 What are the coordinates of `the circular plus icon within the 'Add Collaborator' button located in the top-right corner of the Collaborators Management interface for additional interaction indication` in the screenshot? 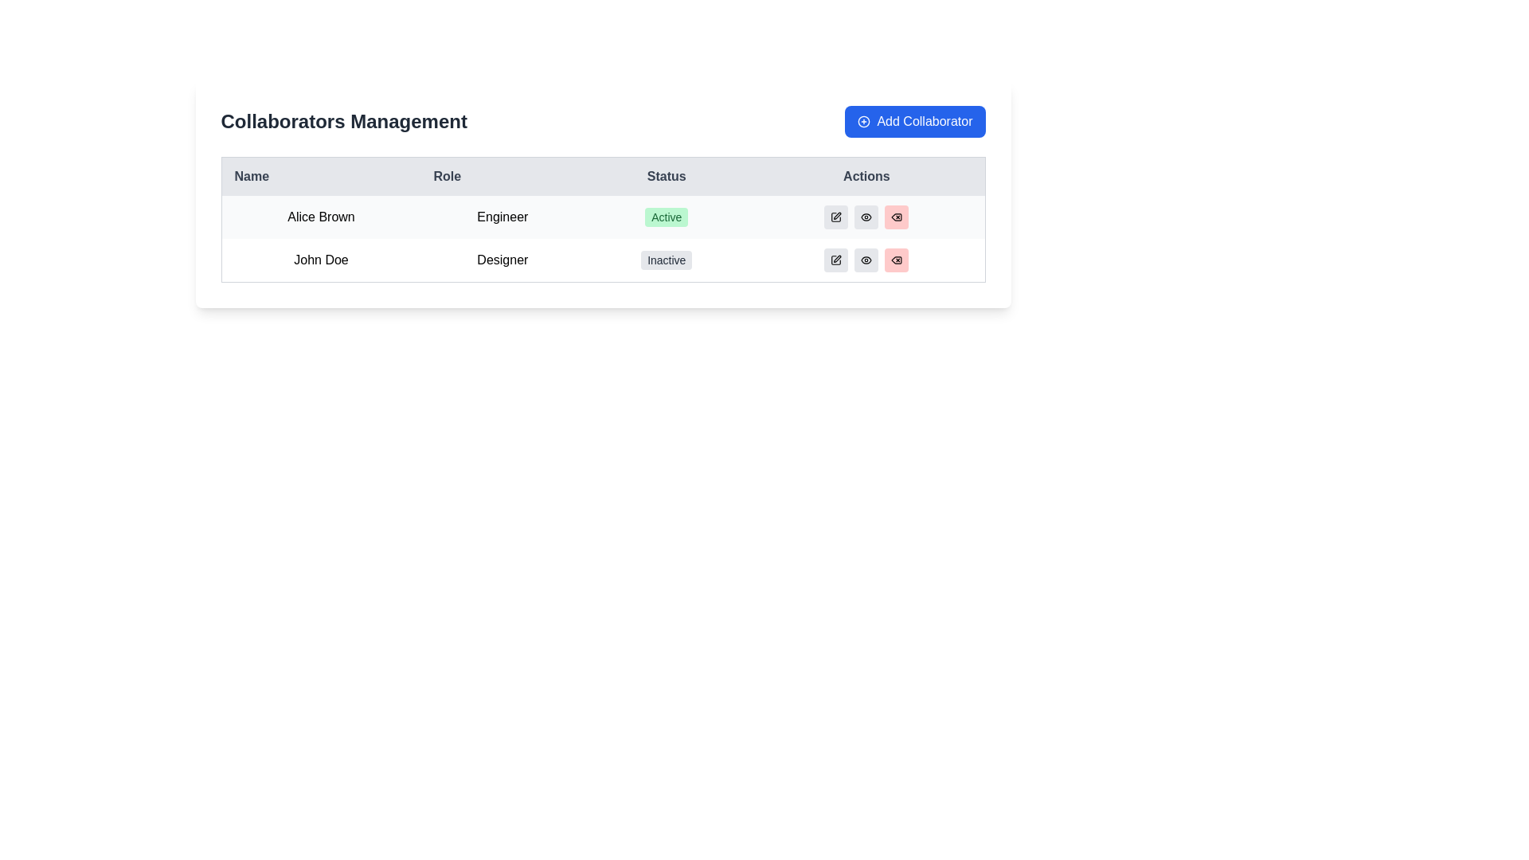 It's located at (863, 121).